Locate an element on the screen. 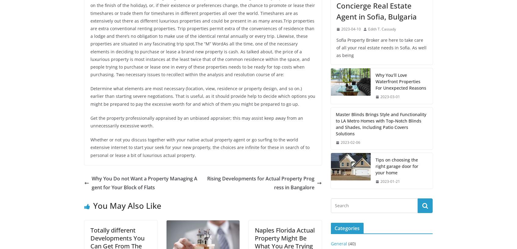  '2023-01-21' is located at coordinates (380, 181).